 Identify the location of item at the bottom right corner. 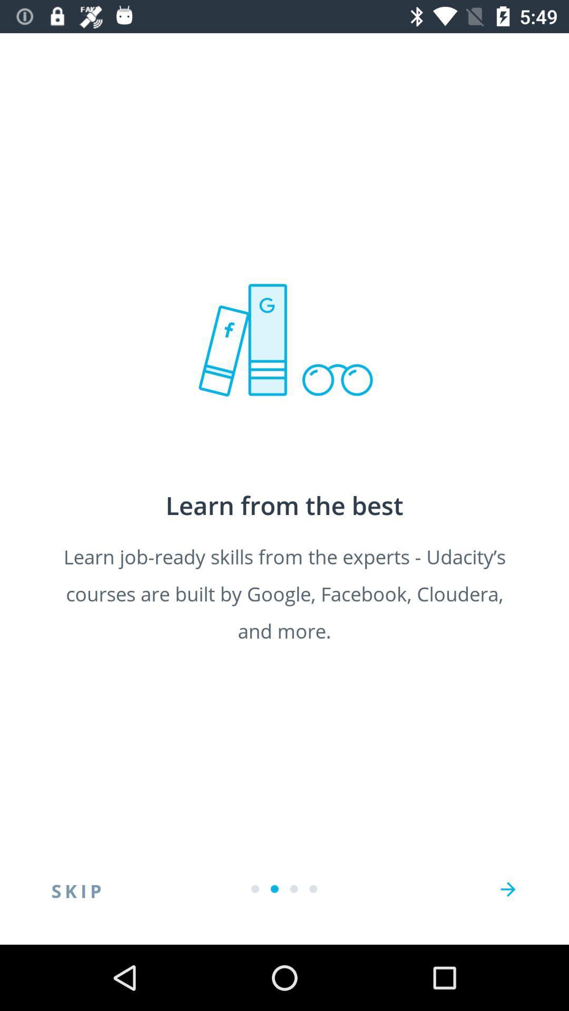
(507, 889).